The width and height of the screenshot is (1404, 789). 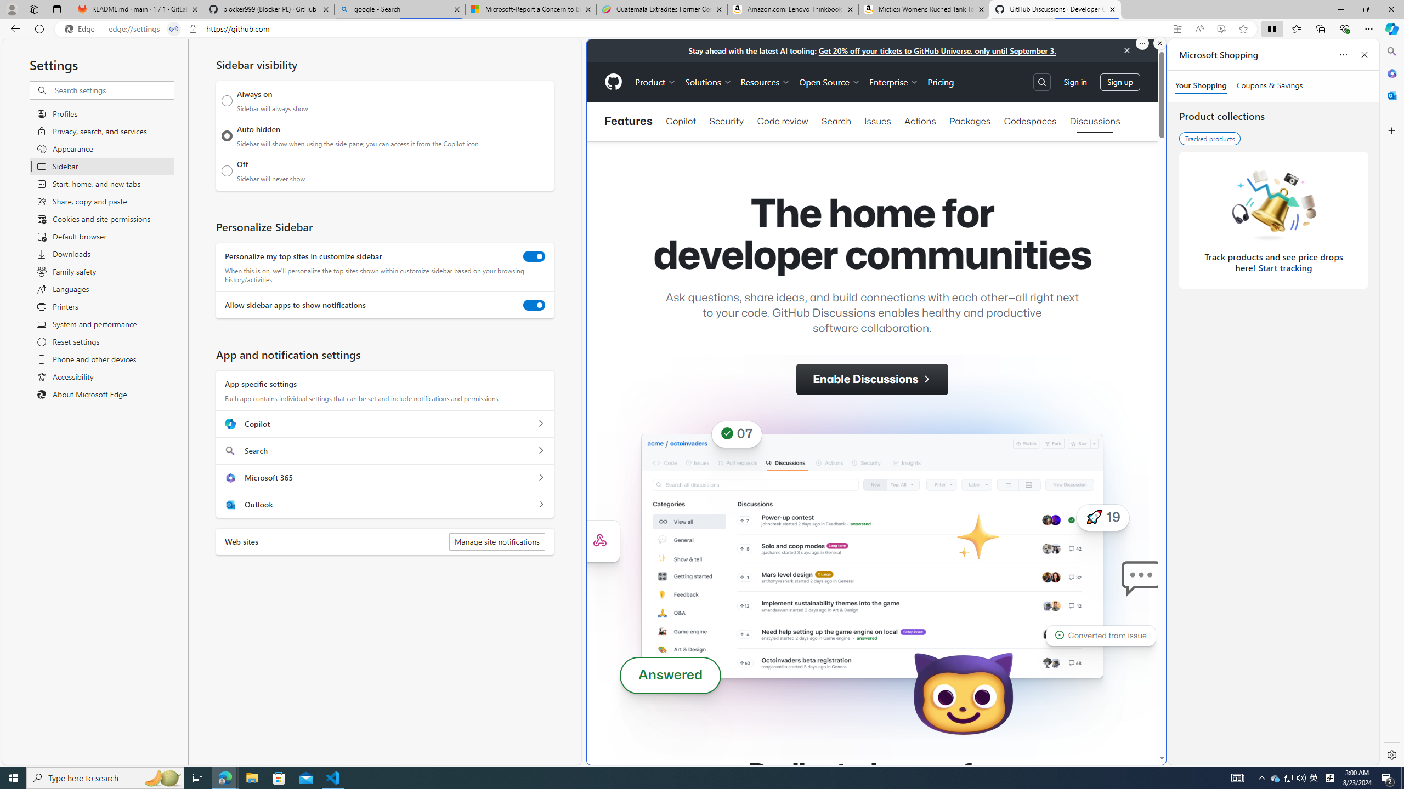 What do you see at coordinates (1142, 43) in the screenshot?
I see `'More options.'` at bounding box center [1142, 43].